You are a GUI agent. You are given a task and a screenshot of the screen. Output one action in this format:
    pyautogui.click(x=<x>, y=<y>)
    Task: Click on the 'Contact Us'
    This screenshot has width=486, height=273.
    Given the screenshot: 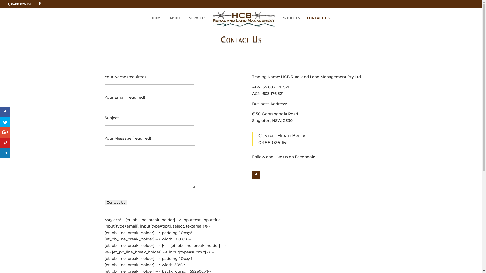 What is the action you would take?
    pyautogui.click(x=104, y=202)
    